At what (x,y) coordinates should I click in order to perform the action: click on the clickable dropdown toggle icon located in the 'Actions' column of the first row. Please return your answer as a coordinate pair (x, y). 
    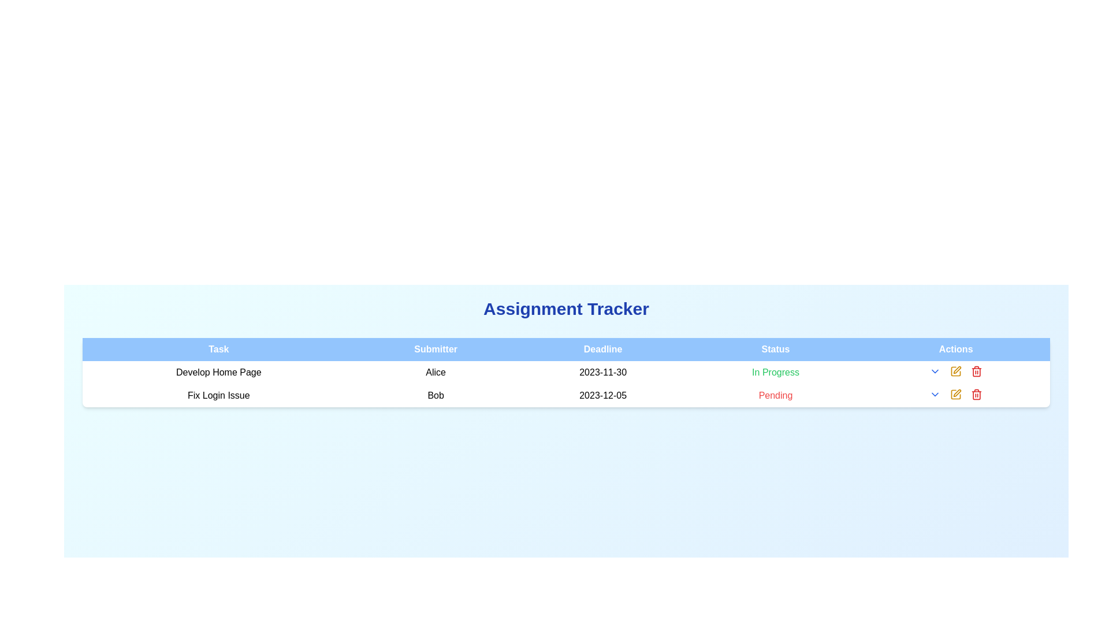
    Looking at the image, I should click on (935, 372).